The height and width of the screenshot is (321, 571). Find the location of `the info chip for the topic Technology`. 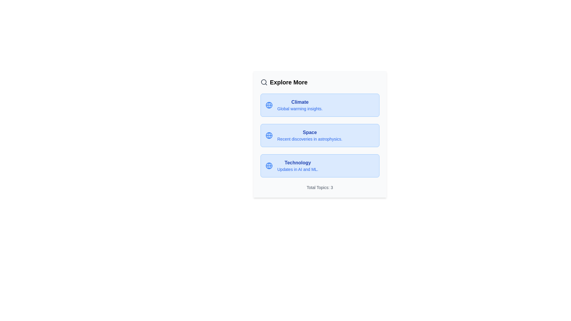

the info chip for the topic Technology is located at coordinates (319, 166).